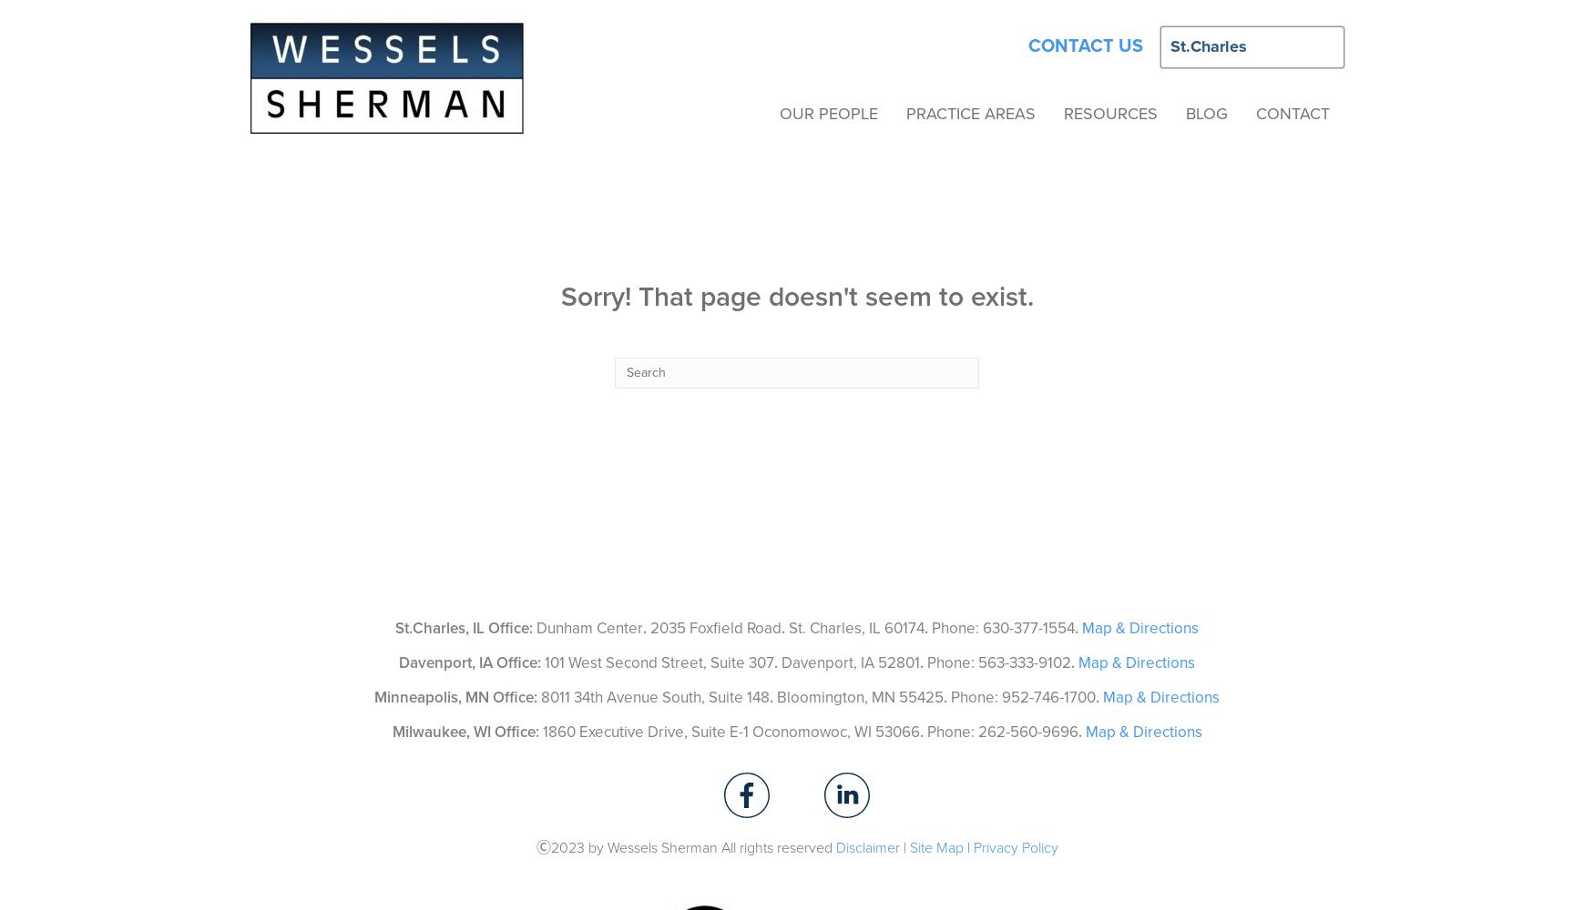  What do you see at coordinates (684, 847) in the screenshot?
I see `'Ⓒ2023 by Wessels Sherman All rights reserved'` at bounding box center [684, 847].